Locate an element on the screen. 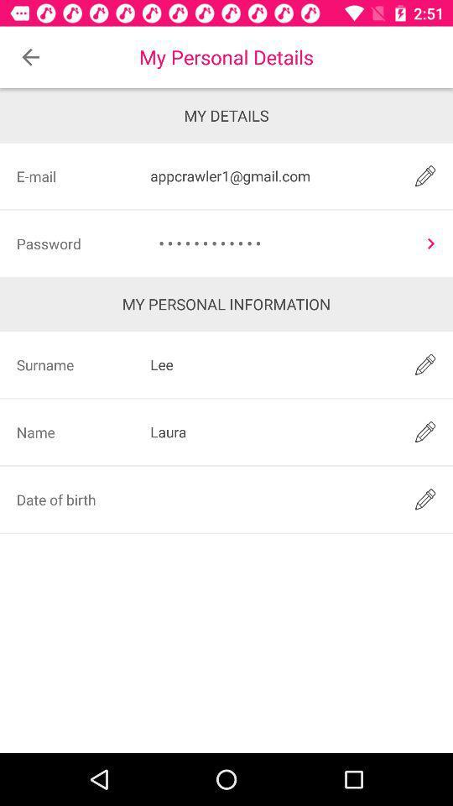  item to the right of the password item is located at coordinates (280, 243).